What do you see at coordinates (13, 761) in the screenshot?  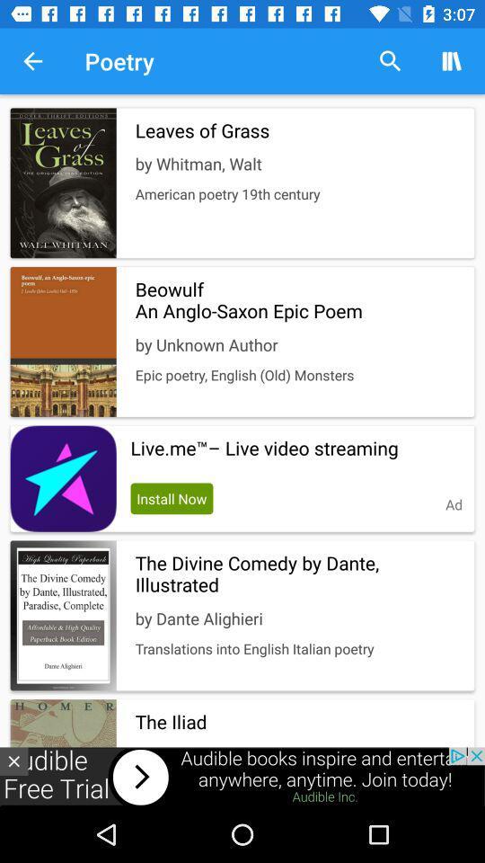 I see `the close icon` at bounding box center [13, 761].